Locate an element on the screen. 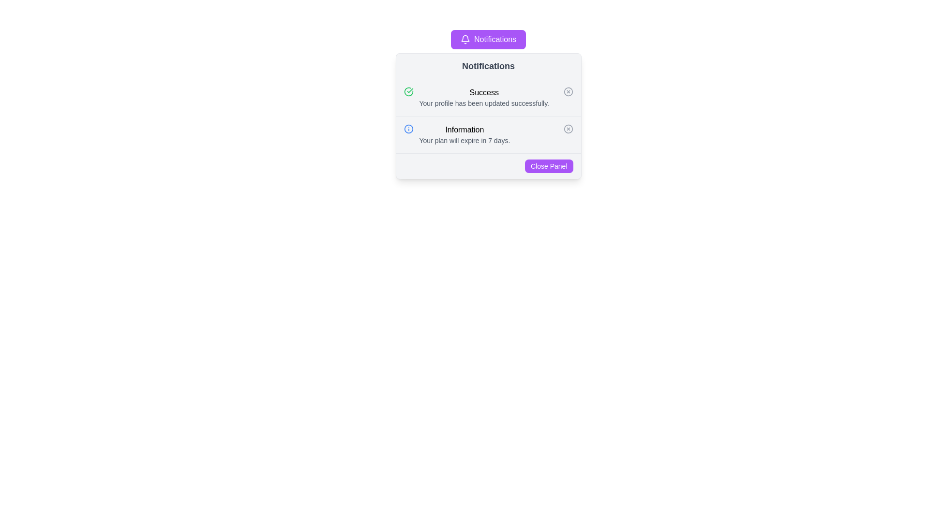 This screenshot has width=929, height=522. the close button at the bottom-right corner of the Notifications panel is located at coordinates (549, 165).